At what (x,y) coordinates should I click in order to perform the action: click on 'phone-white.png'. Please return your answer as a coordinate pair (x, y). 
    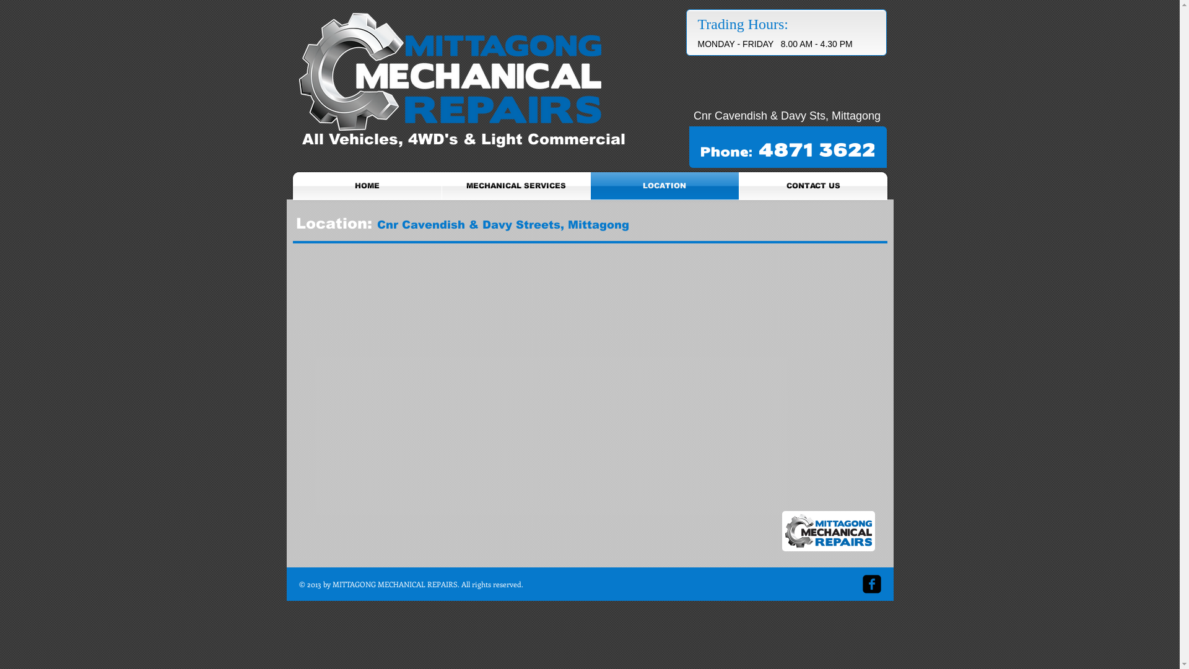
    Looking at the image, I should click on (701, 149).